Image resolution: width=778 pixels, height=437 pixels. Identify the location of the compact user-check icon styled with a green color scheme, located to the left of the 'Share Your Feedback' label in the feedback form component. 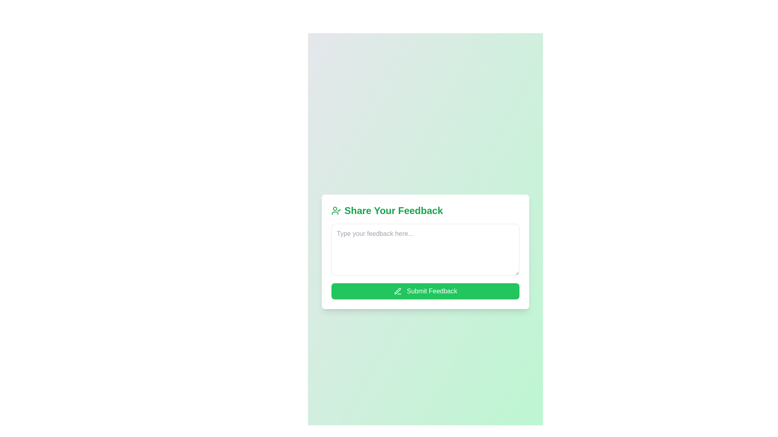
(336, 210).